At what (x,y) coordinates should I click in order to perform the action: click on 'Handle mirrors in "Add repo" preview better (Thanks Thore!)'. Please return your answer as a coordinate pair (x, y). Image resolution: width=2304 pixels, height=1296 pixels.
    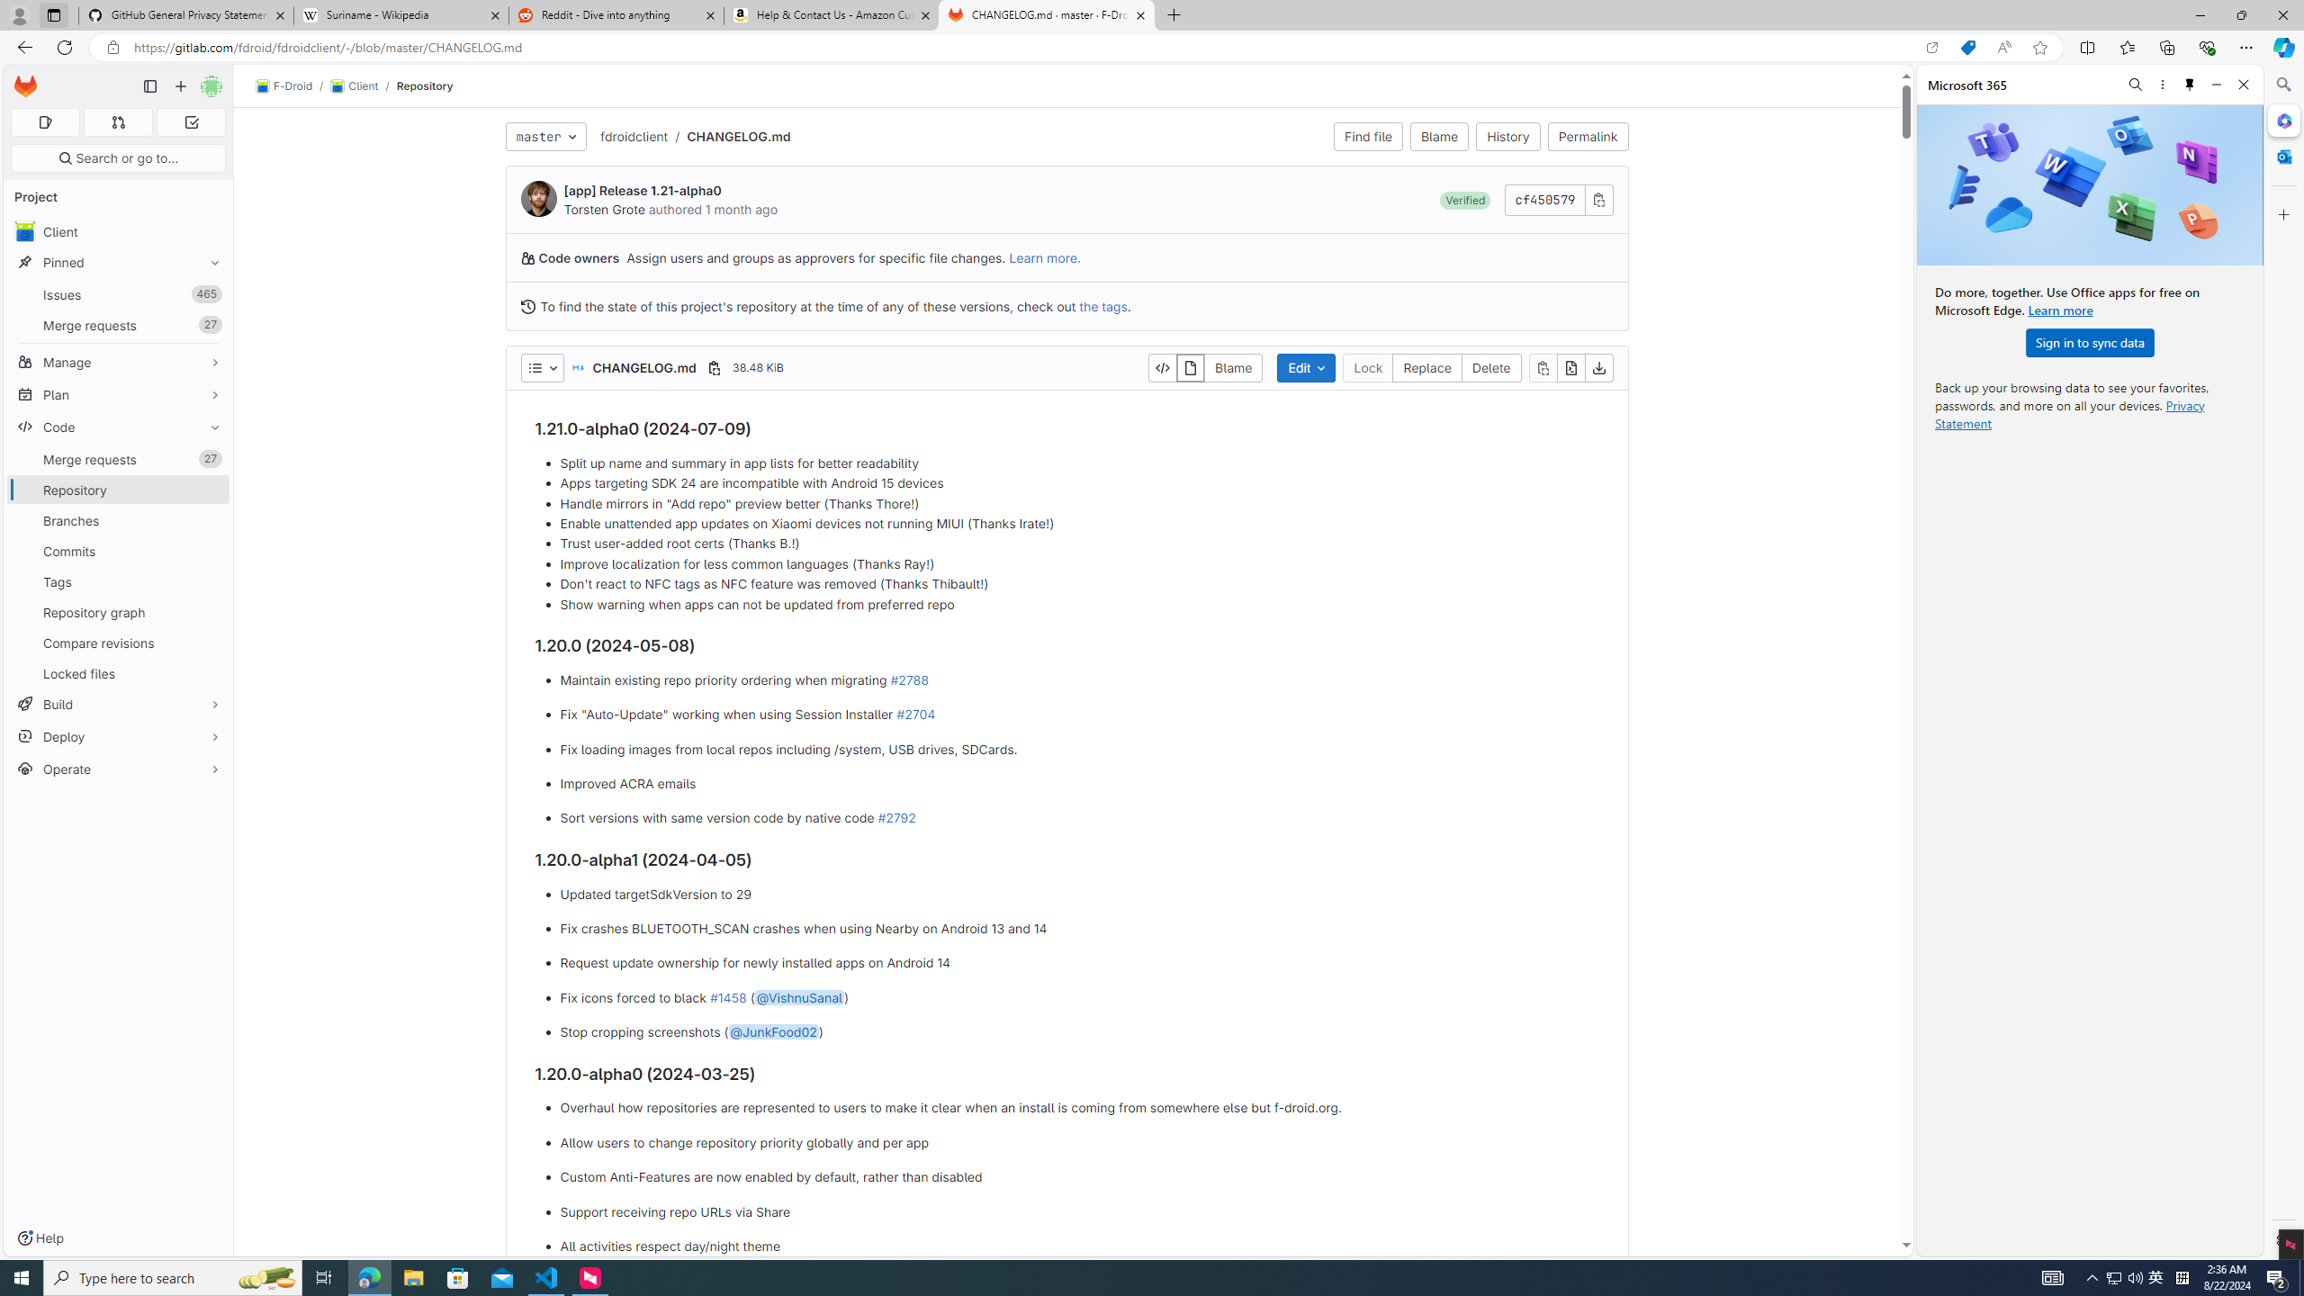
    Looking at the image, I should click on (1078, 503).